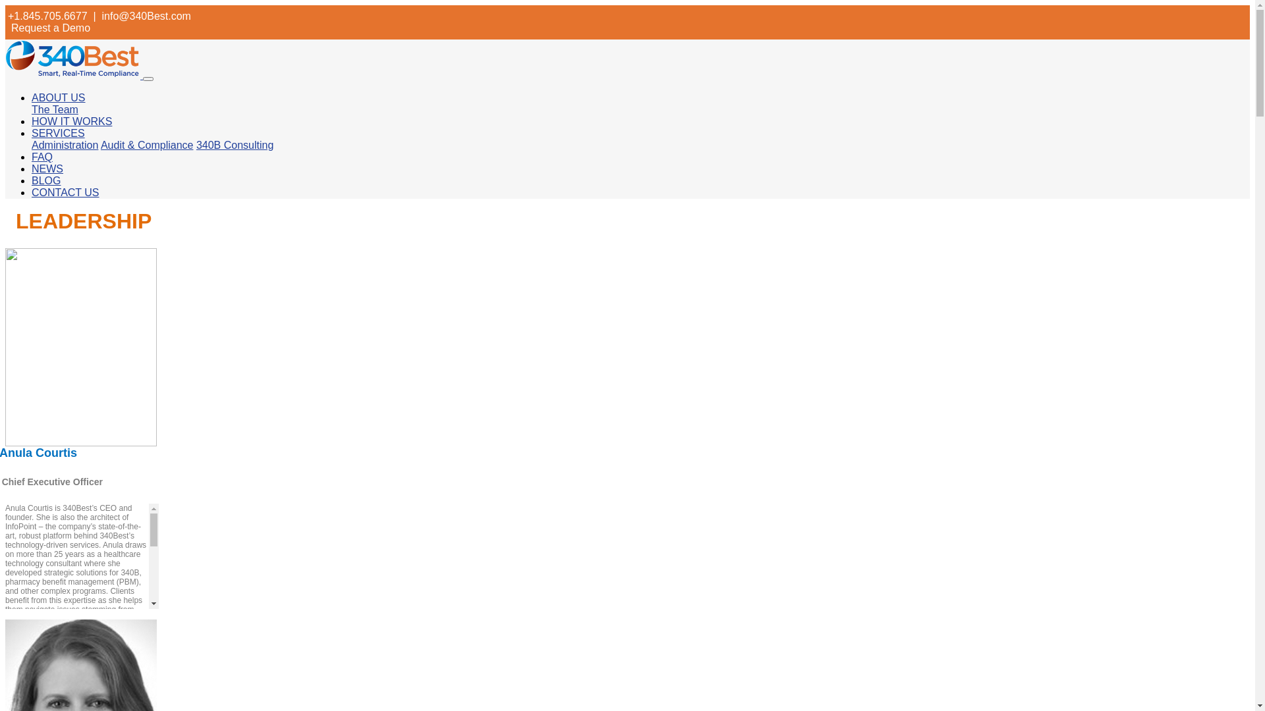 The image size is (1265, 711). Describe the element at coordinates (147, 145) in the screenshot. I see `'Audit & Compliance'` at that location.